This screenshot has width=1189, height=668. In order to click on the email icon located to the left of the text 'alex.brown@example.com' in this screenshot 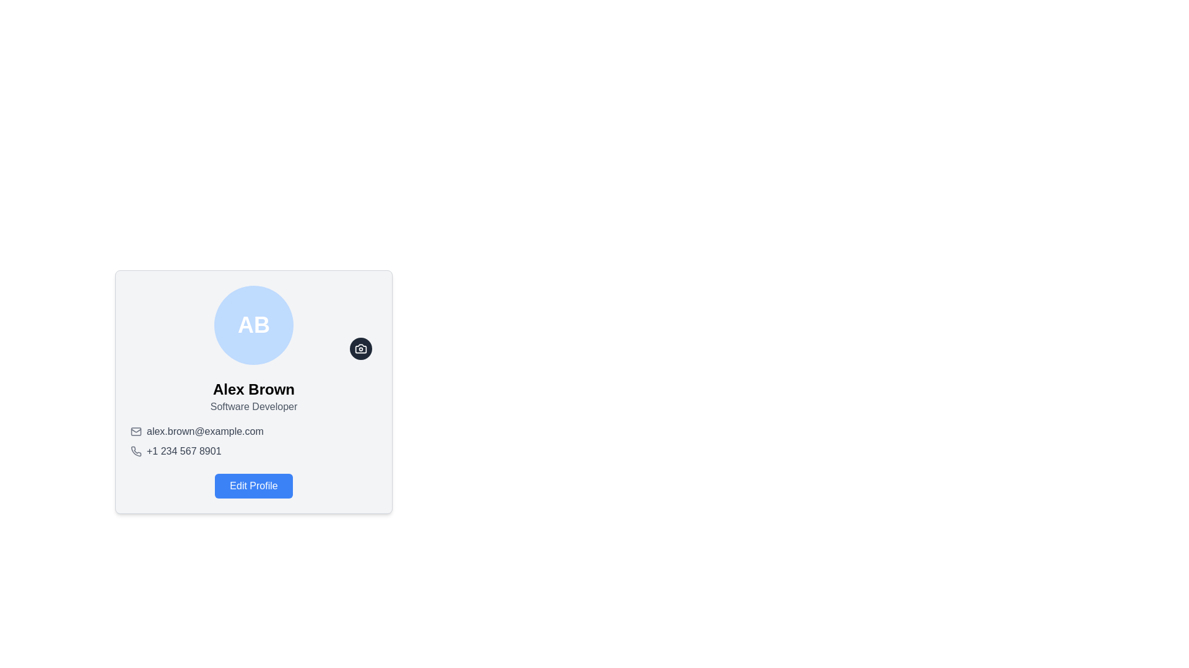, I will do `click(136, 431)`.